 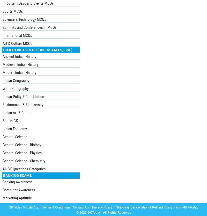 What do you see at coordinates (17, 112) in the screenshot?
I see `'Indian Art & Culture'` at bounding box center [17, 112].